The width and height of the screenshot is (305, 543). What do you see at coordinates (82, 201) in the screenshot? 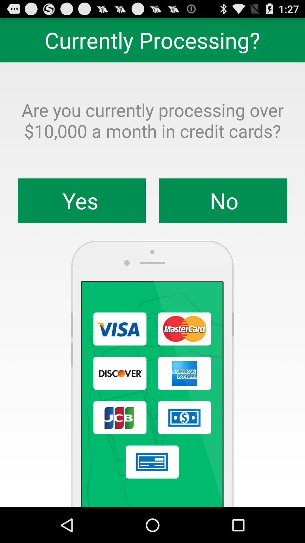
I see `yes item` at bounding box center [82, 201].